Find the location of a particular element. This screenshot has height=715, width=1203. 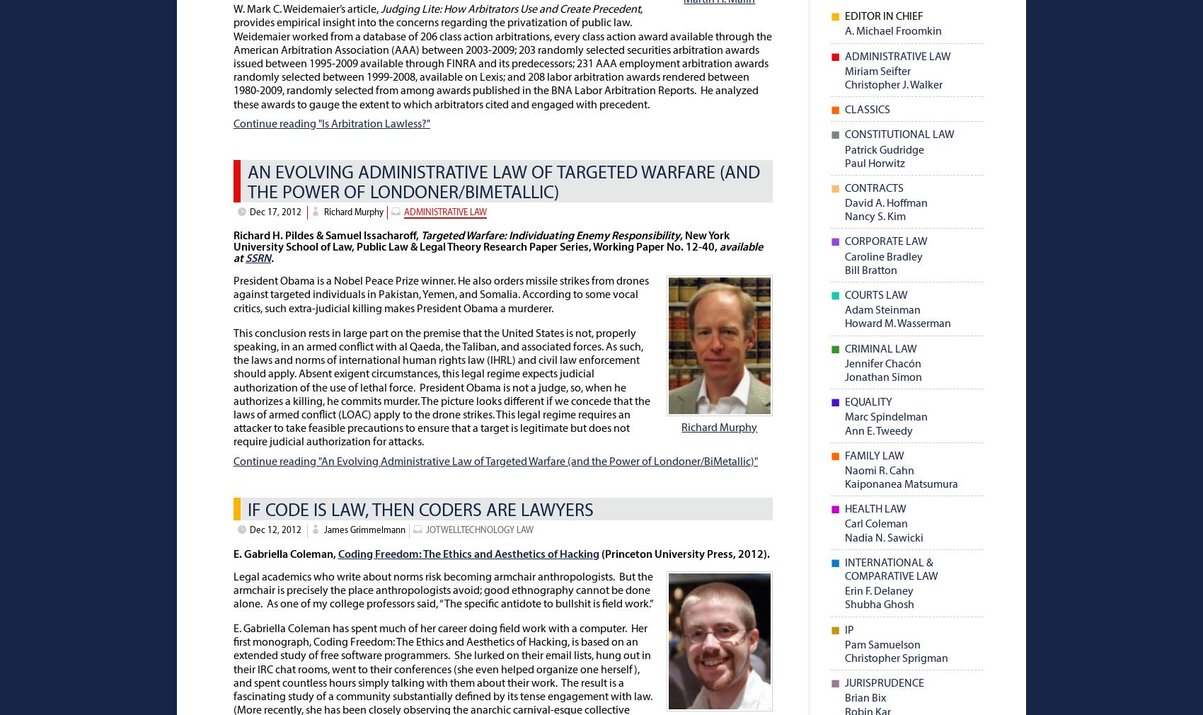

'Miriam Seifter' is located at coordinates (877, 71).